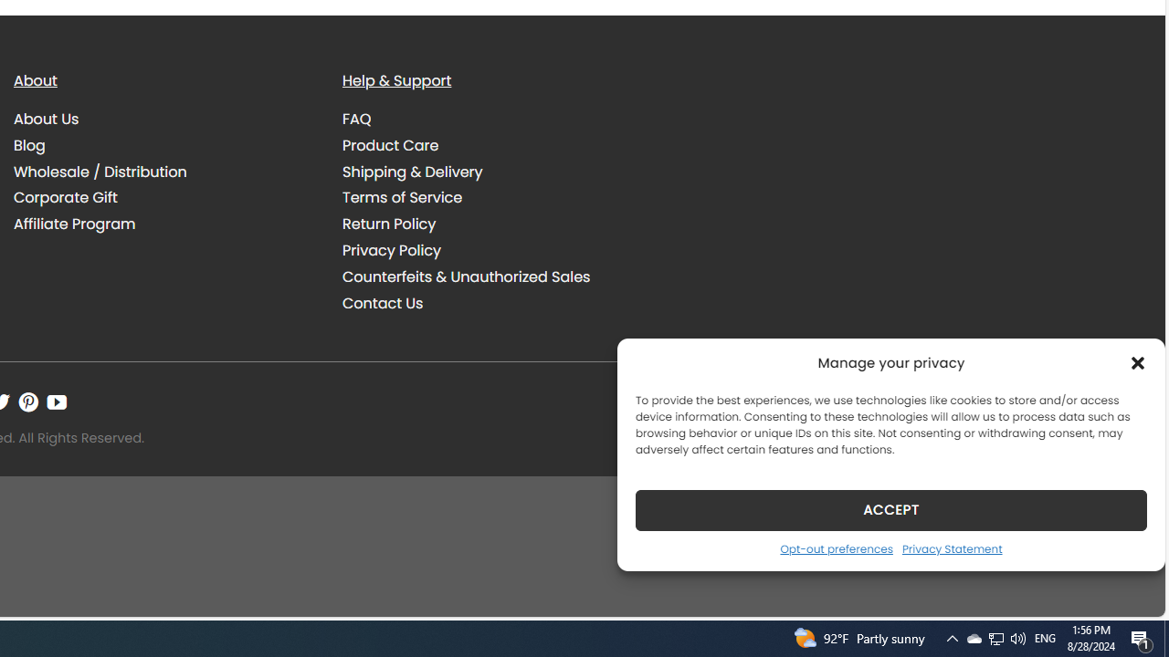  Describe the element at coordinates (835, 547) in the screenshot. I see `'Opt-out preferences'` at that location.